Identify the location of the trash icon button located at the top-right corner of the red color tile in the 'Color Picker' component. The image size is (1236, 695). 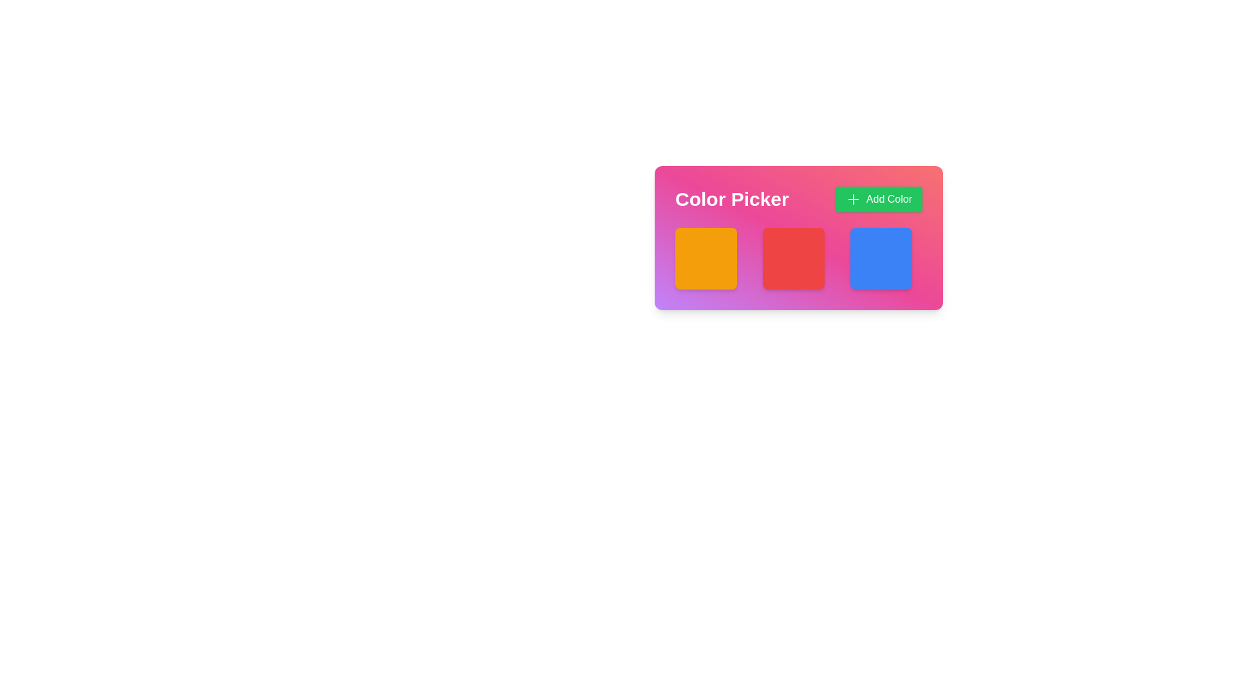
(822, 239).